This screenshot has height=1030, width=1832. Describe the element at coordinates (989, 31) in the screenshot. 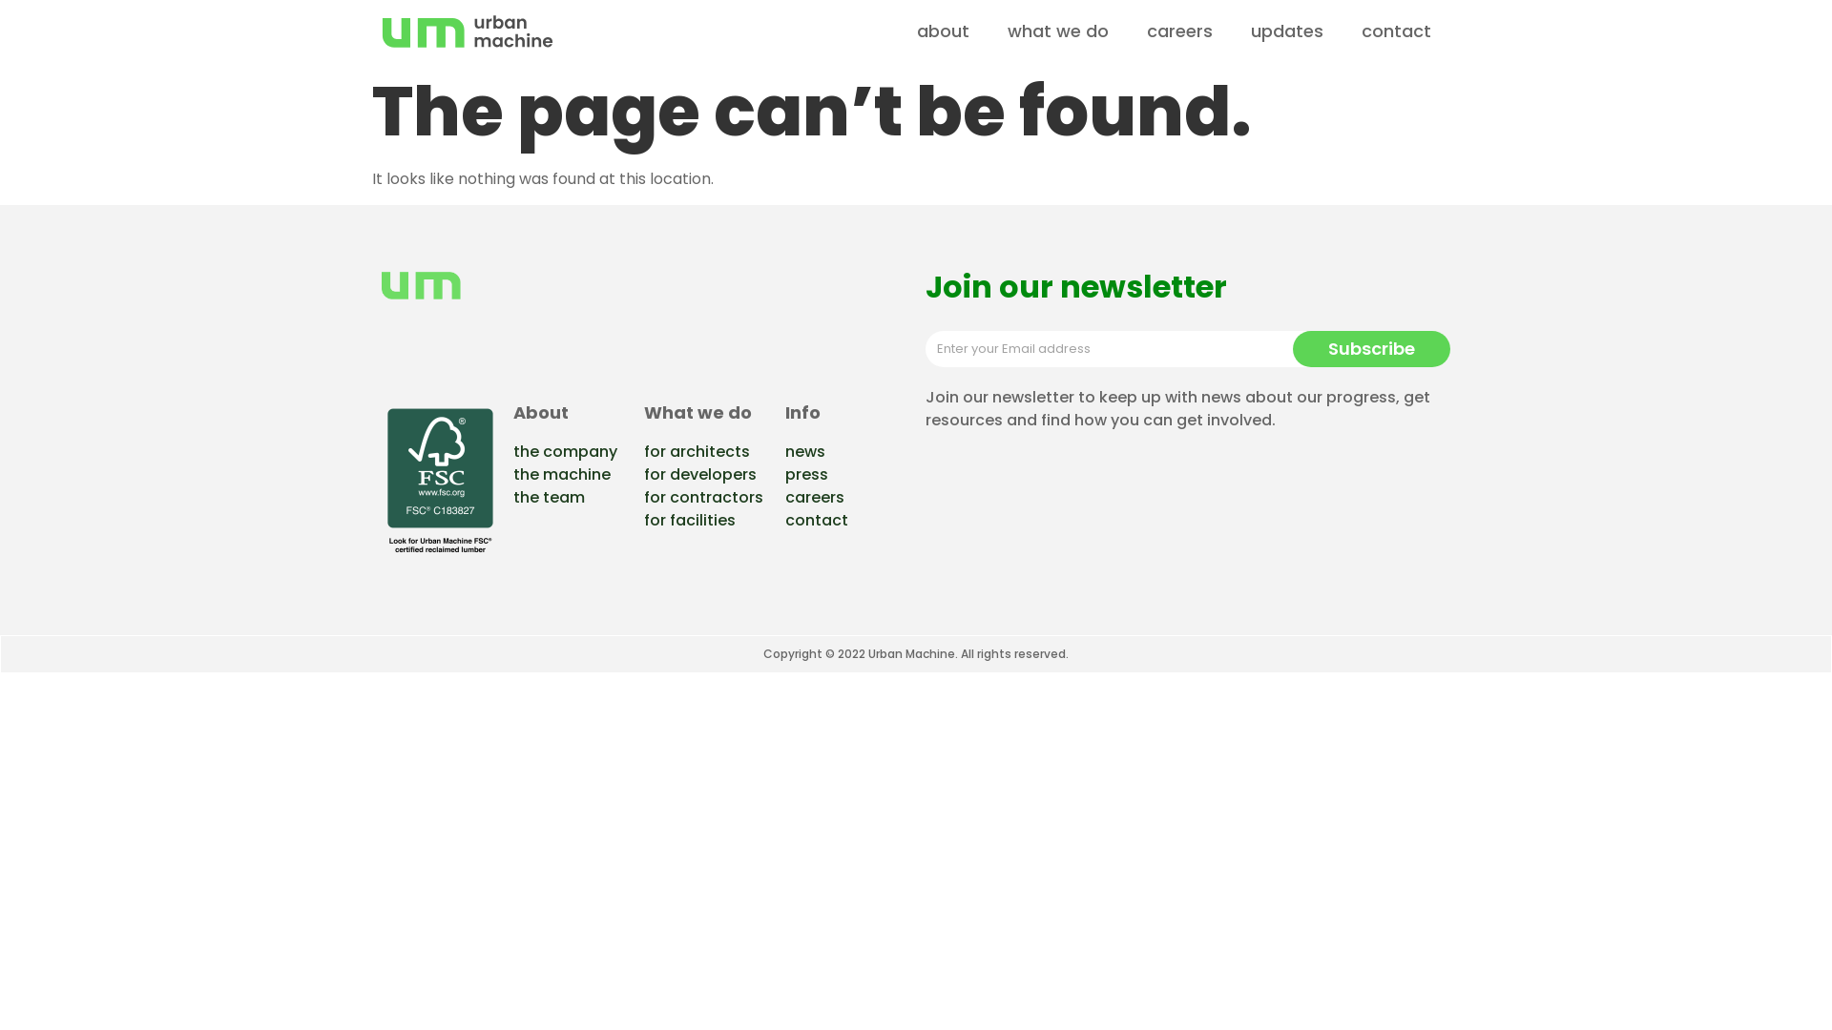

I see `'what we do'` at that location.